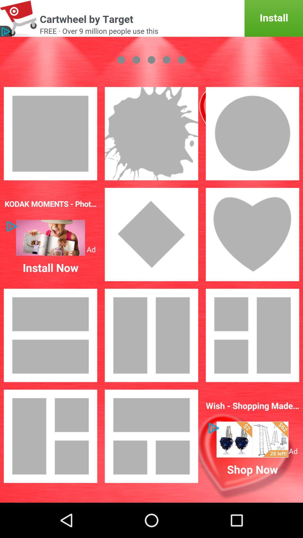 The height and width of the screenshot is (538, 303). What do you see at coordinates (252, 335) in the screenshot?
I see `frame` at bounding box center [252, 335].